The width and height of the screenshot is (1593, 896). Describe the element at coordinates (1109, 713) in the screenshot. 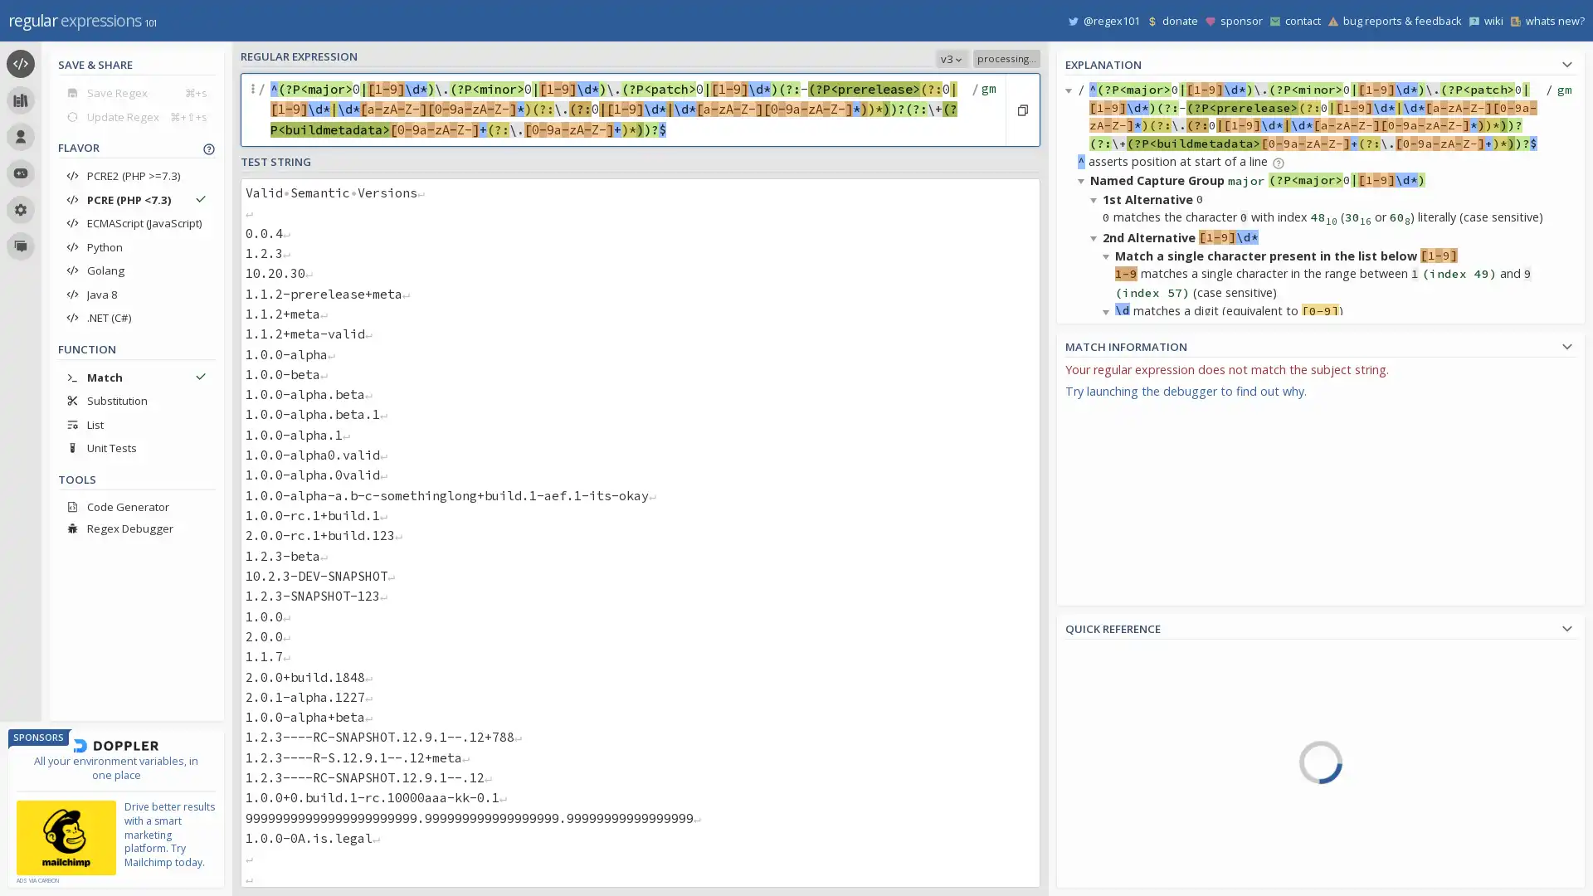

I see `Group minor` at that location.